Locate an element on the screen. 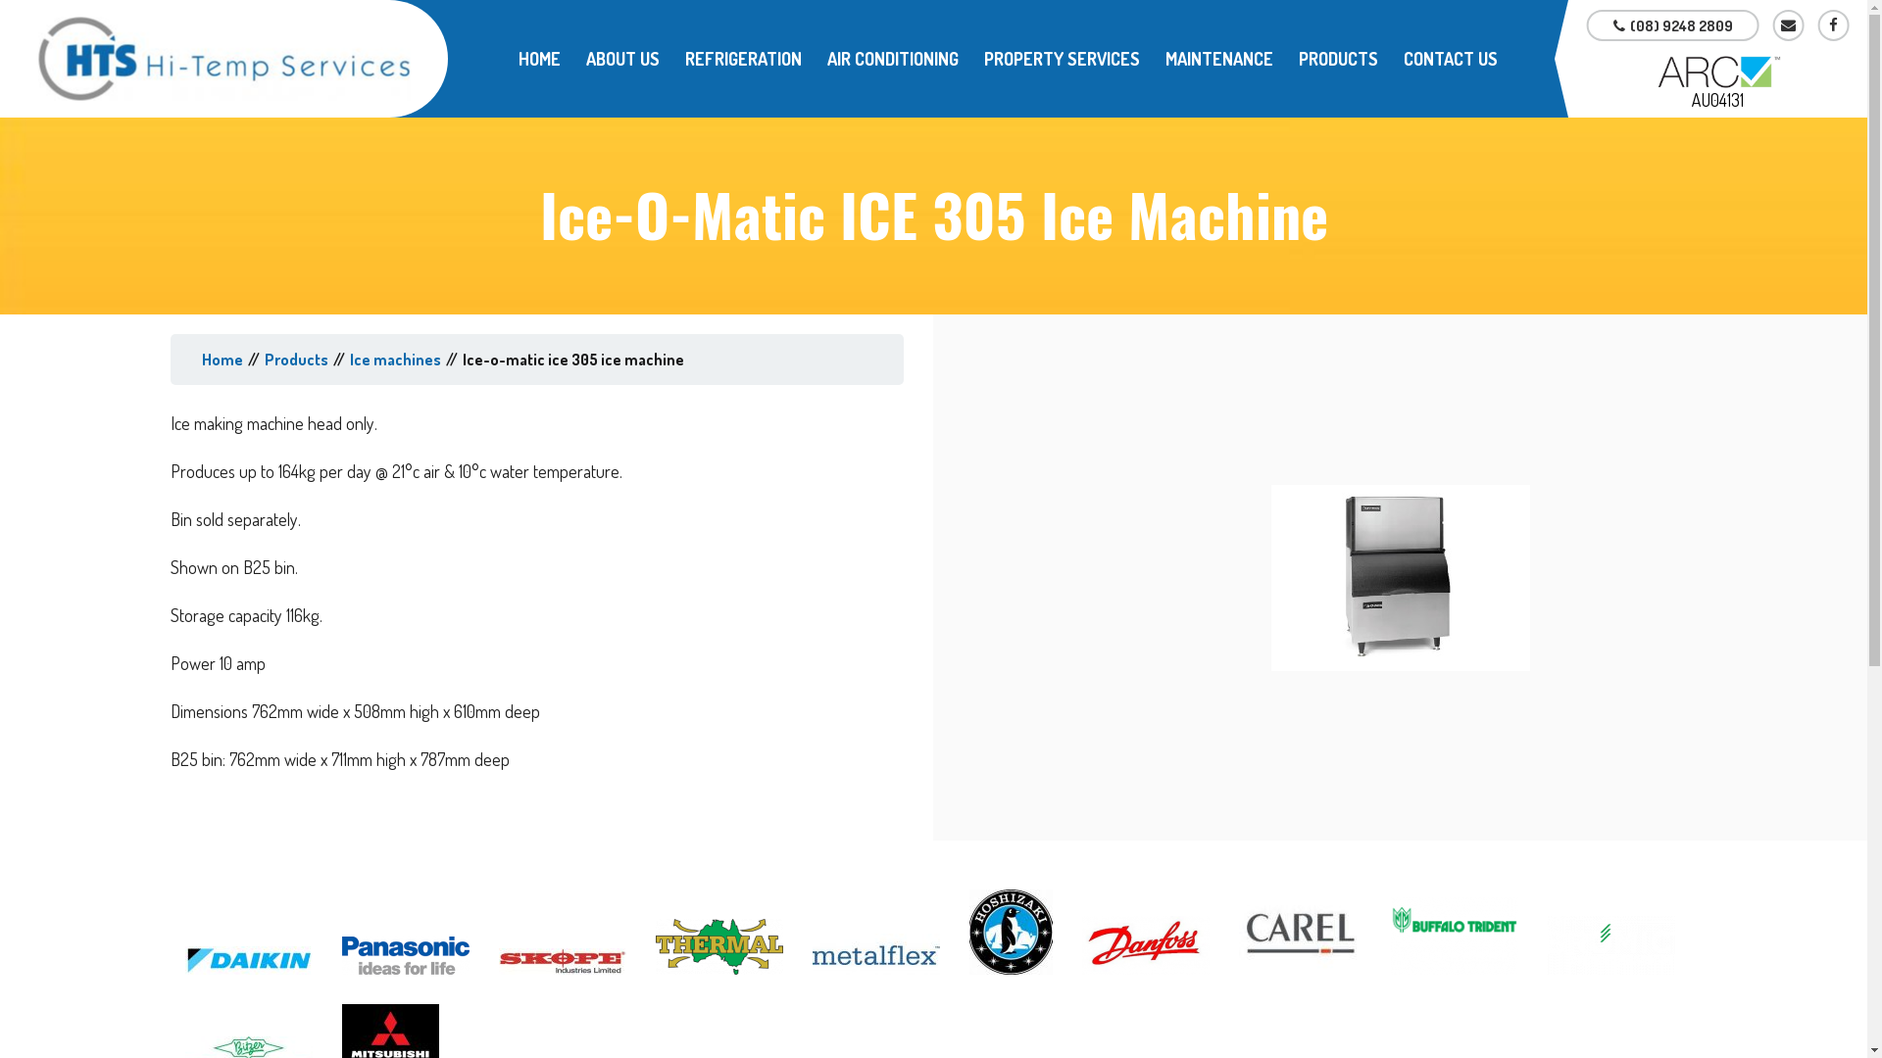 The width and height of the screenshot is (1882, 1058). 'PRODUCTS' is located at coordinates (1285, 58).